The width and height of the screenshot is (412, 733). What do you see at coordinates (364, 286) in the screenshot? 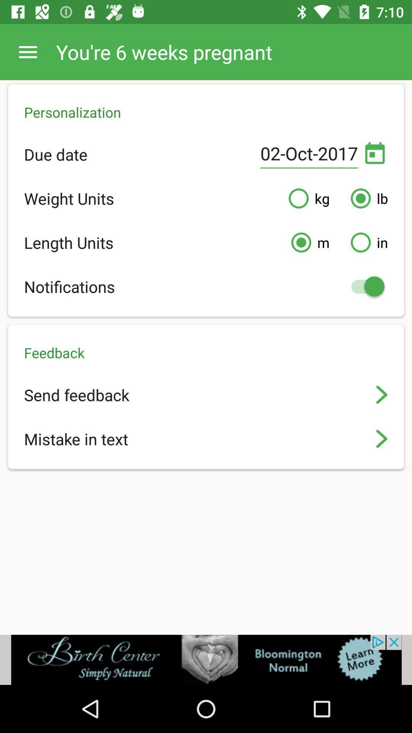
I see `notifications` at bounding box center [364, 286].